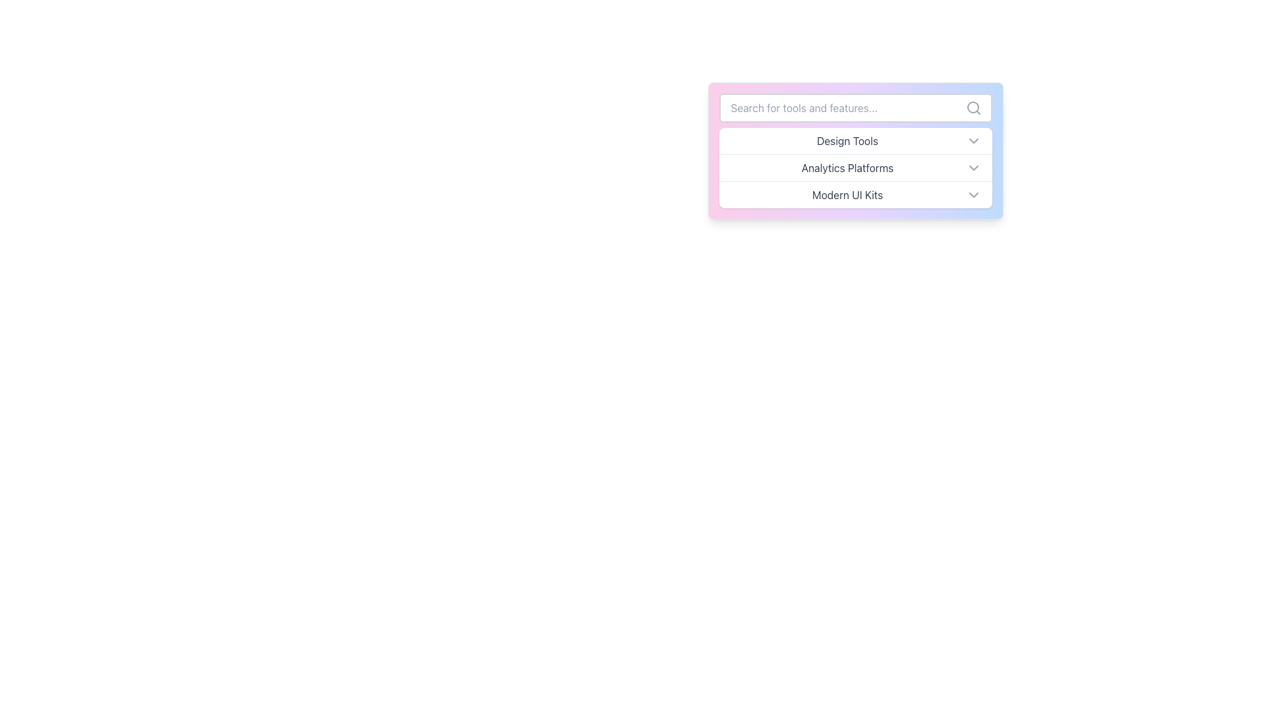  Describe the element at coordinates (847, 195) in the screenshot. I see `the text label in the third row of the dropdown menu, which serves as a clickable navigation item adjacent to a downward-chevron icon` at that location.